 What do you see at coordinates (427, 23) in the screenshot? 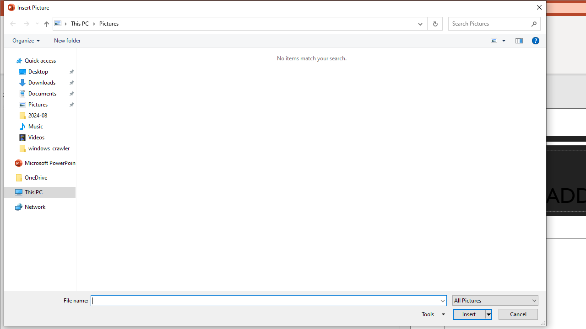
I see `'Address band toolbar'` at bounding box center [427, 23].